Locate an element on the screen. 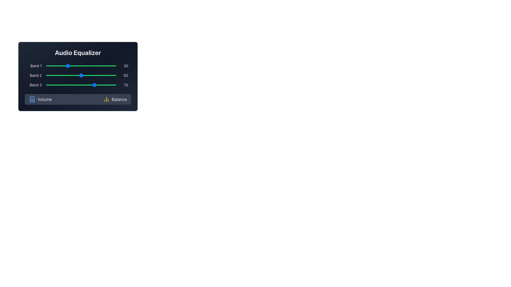 This screenshot has height=287, width=511. the frequency slider is located at coordinates (47, 75).